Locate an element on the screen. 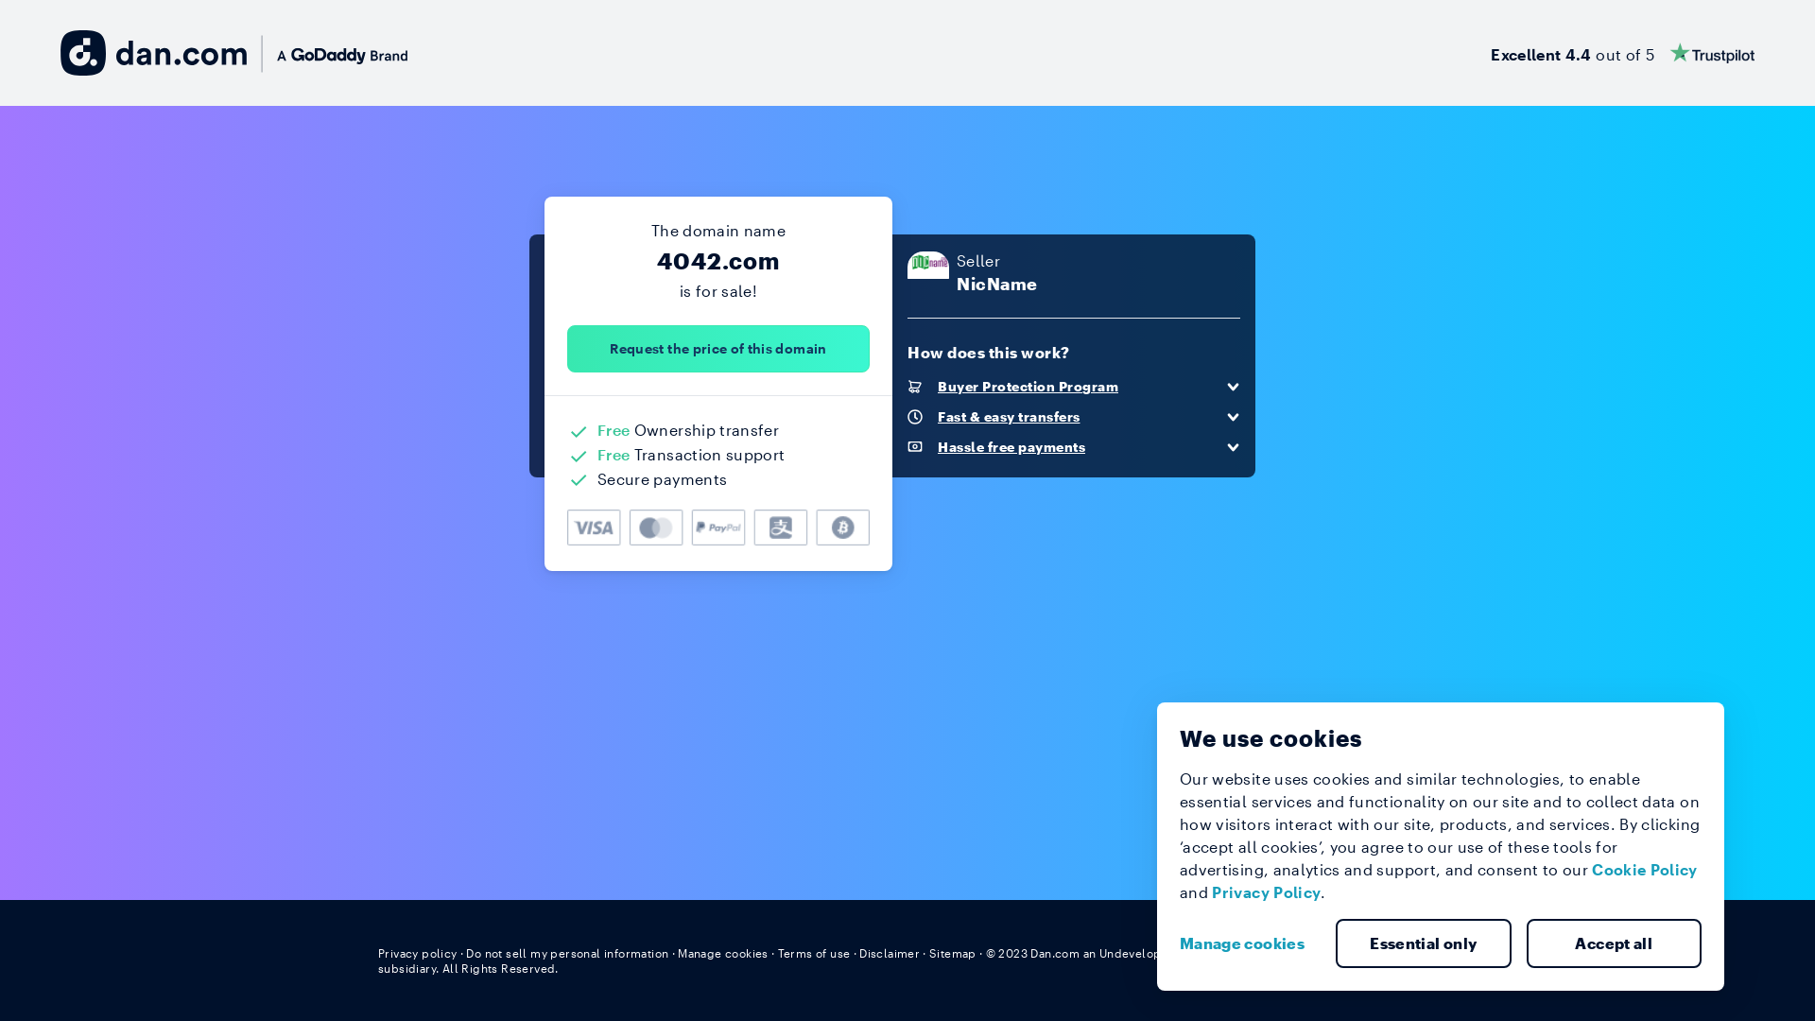  'Cookie Policy' is located at coordinates (1591, 869).